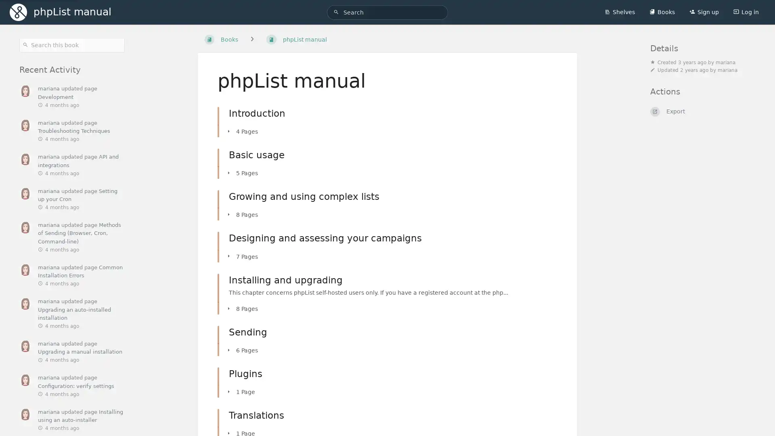 This screenshot has width=775, height=436. Describe the element at coordinates (387, 130) in the screenshot. I see `4 Pages` at that location.